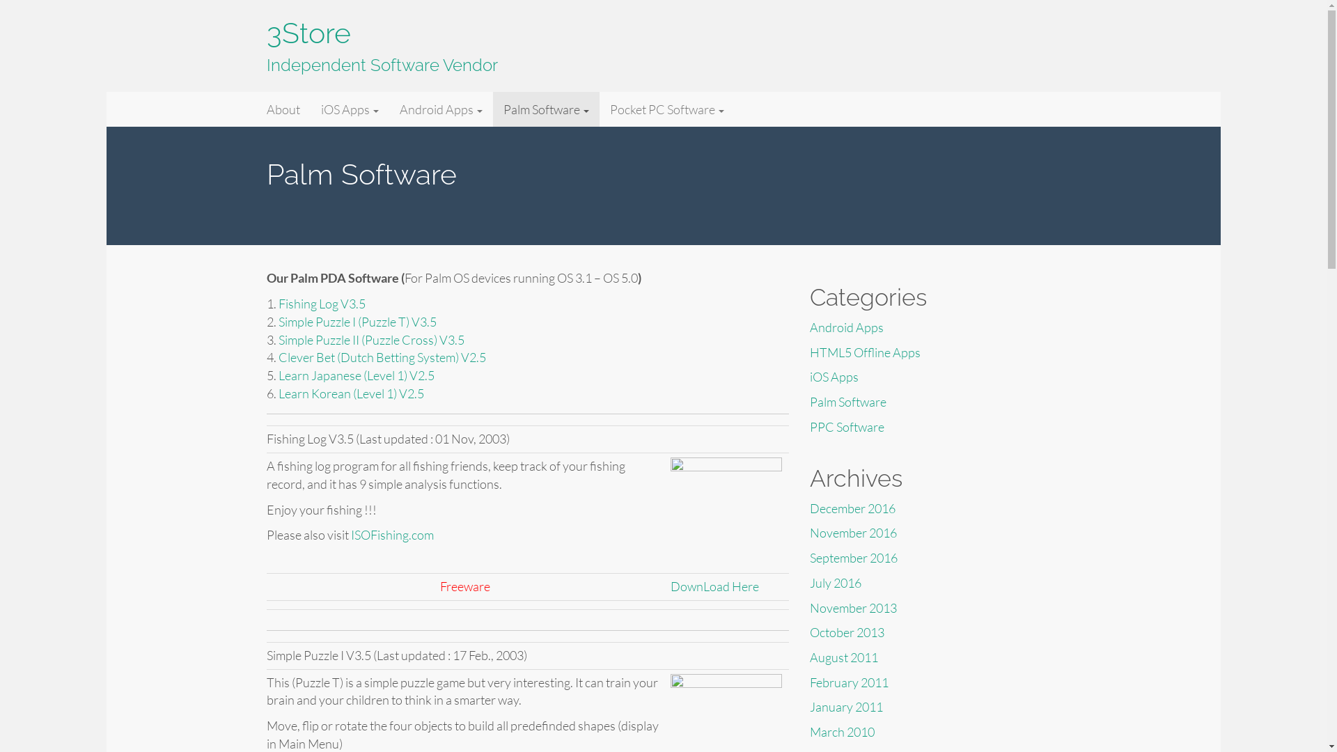 The image size is (1337, 752). What do you see at coordinates (808, 327) in the screenshot?
I see `'Android Apps'` at bounding box center [808, 327].